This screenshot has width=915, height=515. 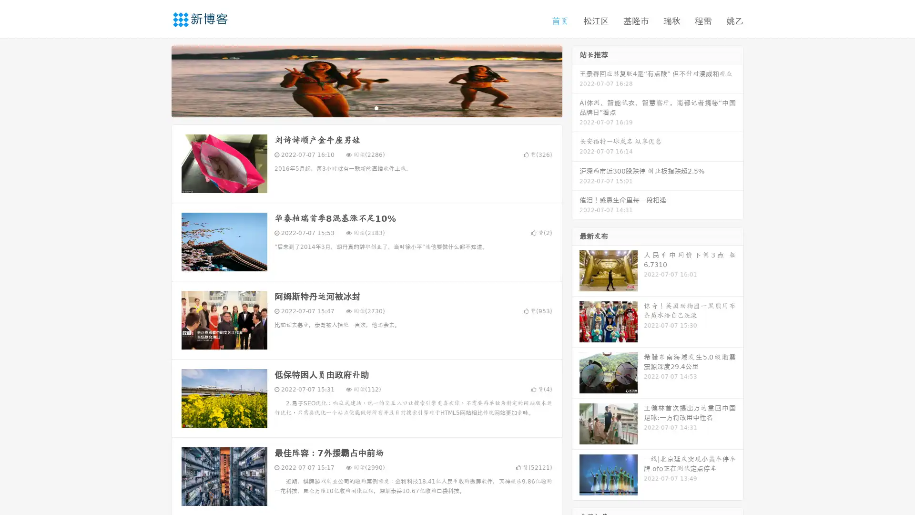 What do you see at coordinates (576, 80) in the screenshot?
I see `Next slide` at bounding box center [576, 80].